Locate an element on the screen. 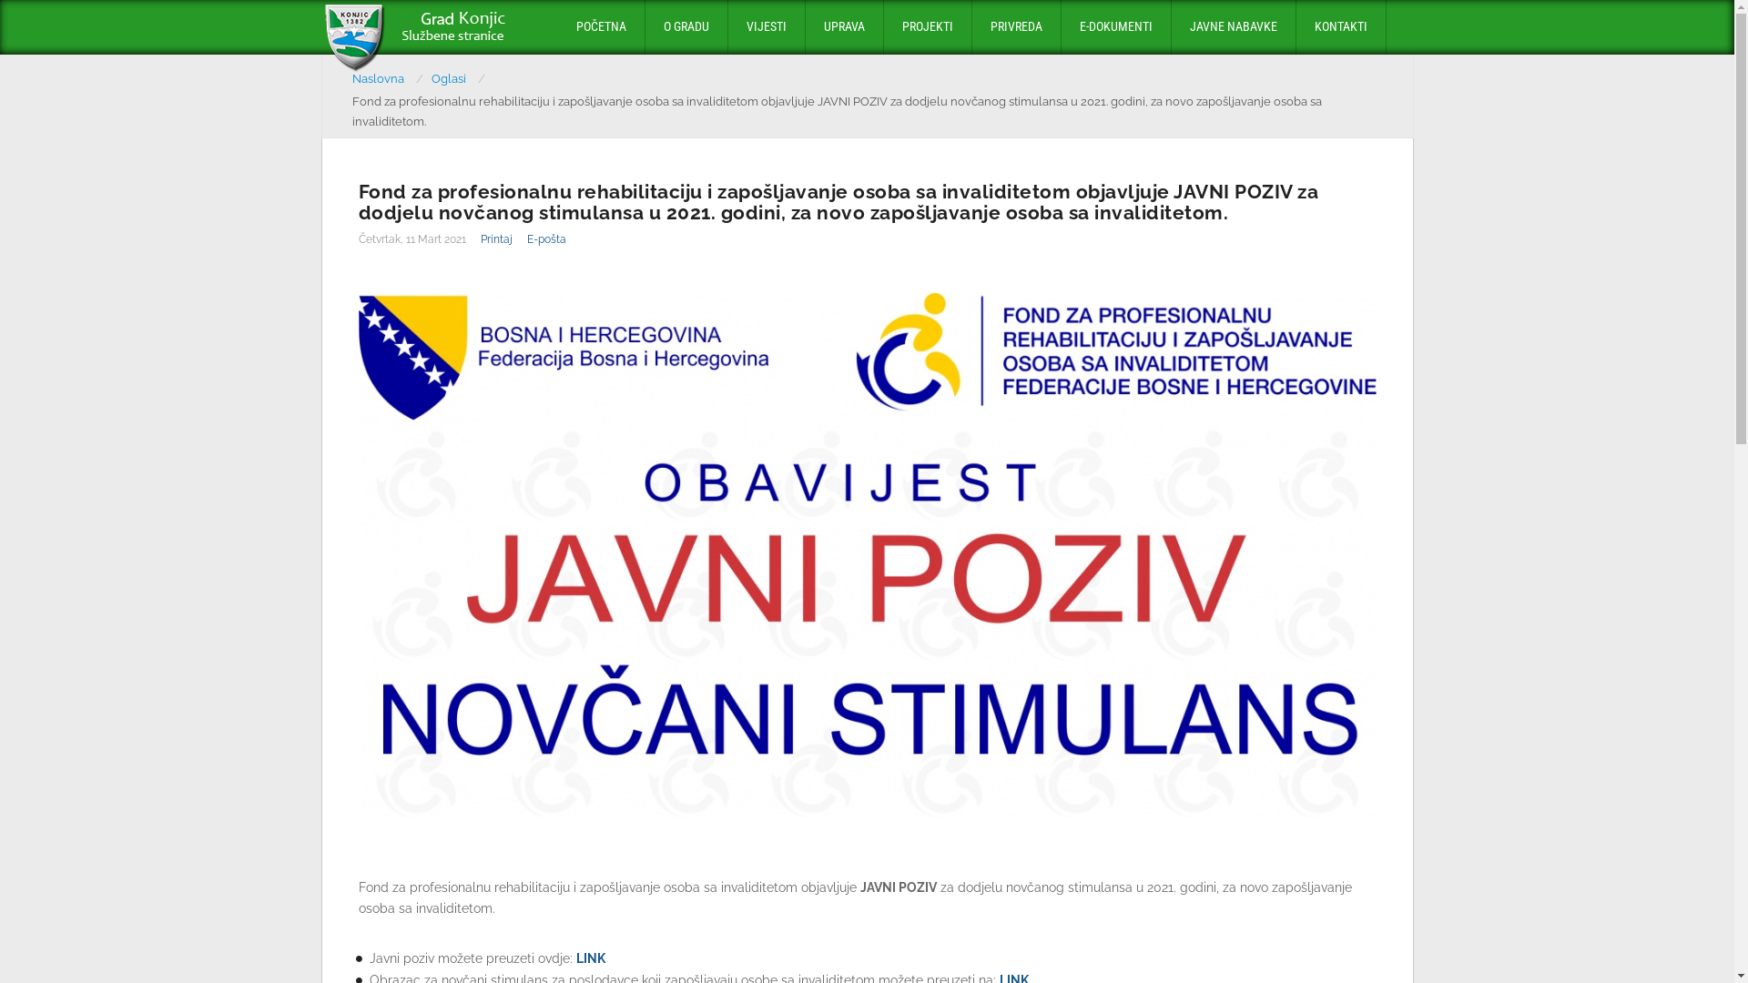  'PROJEKTI' is located at coordinates (882, 27).